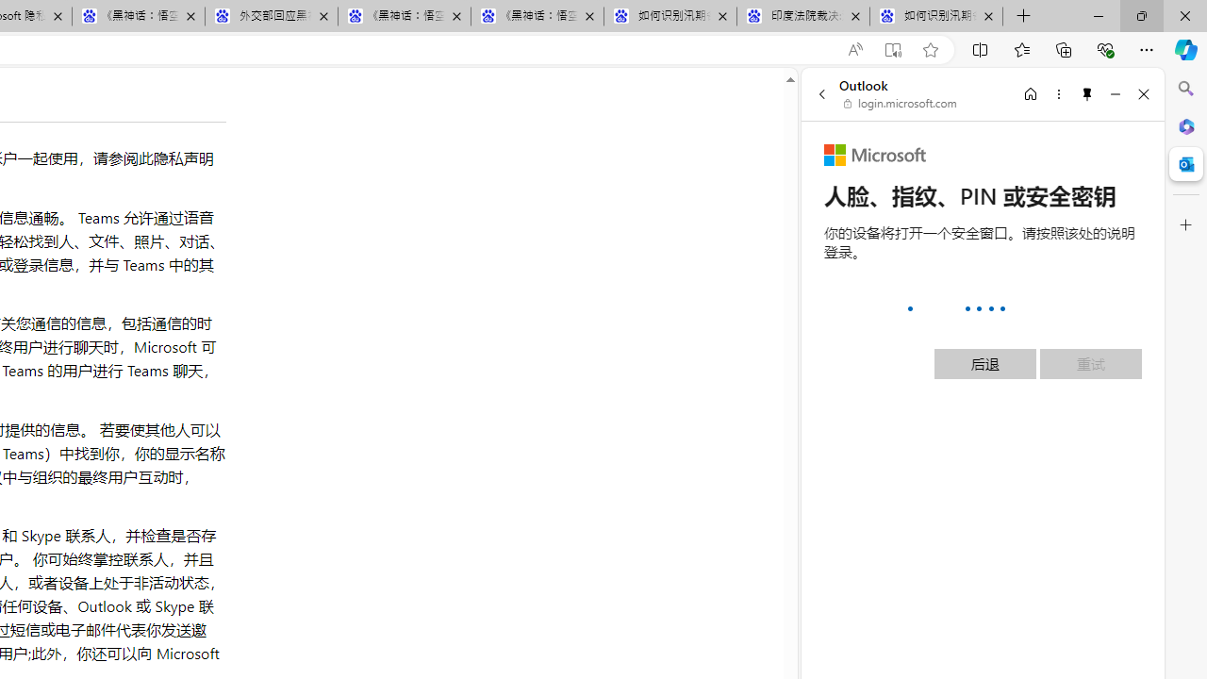  I want to click on 'login.microsoft.com', so click(900, 104).